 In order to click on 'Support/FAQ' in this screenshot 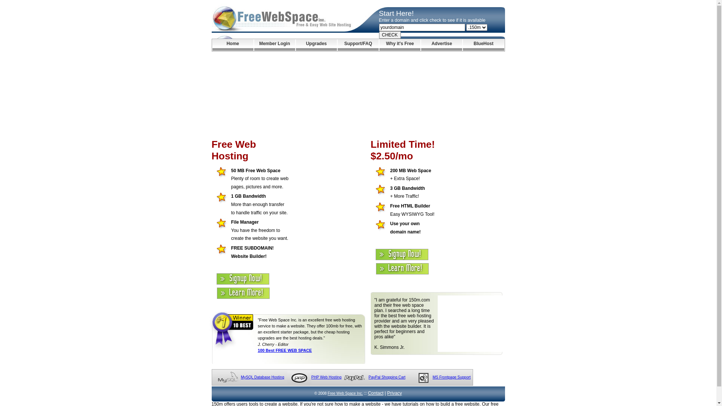, I will do `click(358, 45)`.